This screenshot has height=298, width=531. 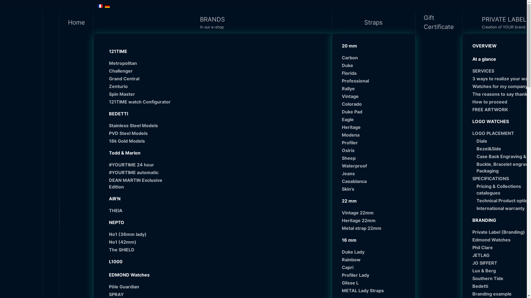 What do you see at coordinates (140, 71) in the screenshot?
I see `'Challenger'` at bounding box center [140, 71].